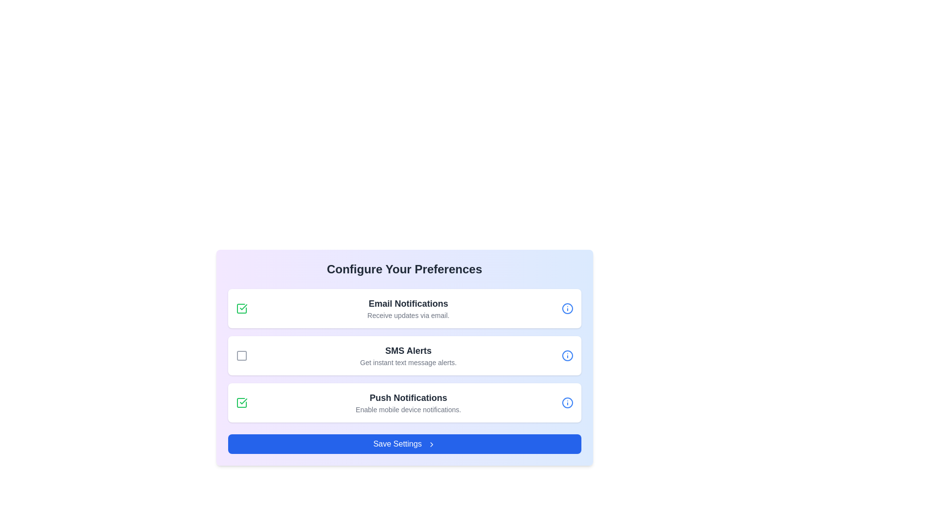 The image size is (942, 530). What do you see at coordinates (567, 308) in the screenshot?
I see `the informational icon located at the far right side within the 'Email Notifications' panel, adjacent to its descriptive text` at bounding box center [567, 308].